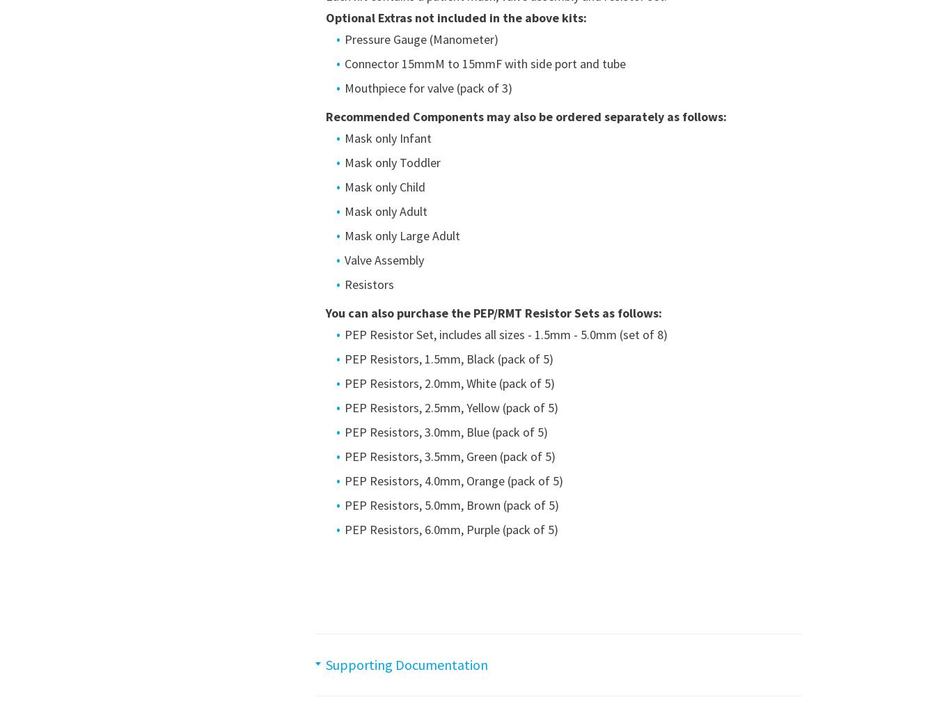 This screenshot has width=951, height=711. I want to click on 'Recommended Components may also be ordered separately as follows:', so click(526, 116).